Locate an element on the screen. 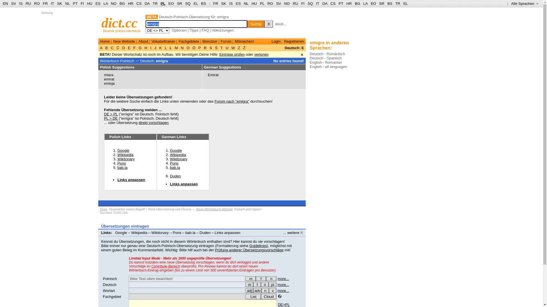 The image size is (547, 307). 'Forum' is located at coordinates (226, 41).